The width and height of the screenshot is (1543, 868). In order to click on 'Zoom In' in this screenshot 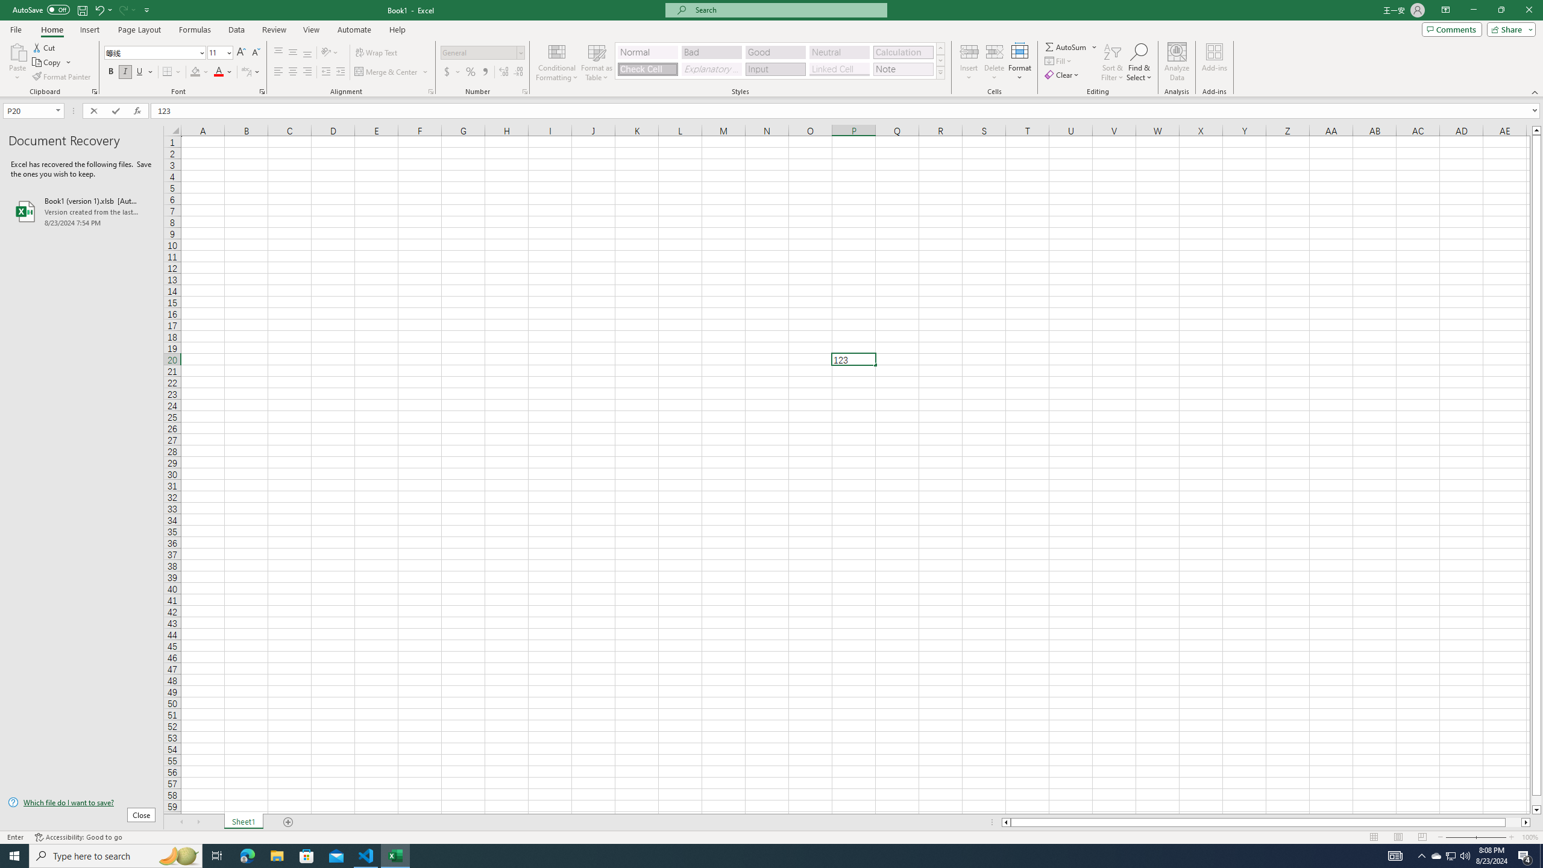, I will do `click(1511, 837)`.